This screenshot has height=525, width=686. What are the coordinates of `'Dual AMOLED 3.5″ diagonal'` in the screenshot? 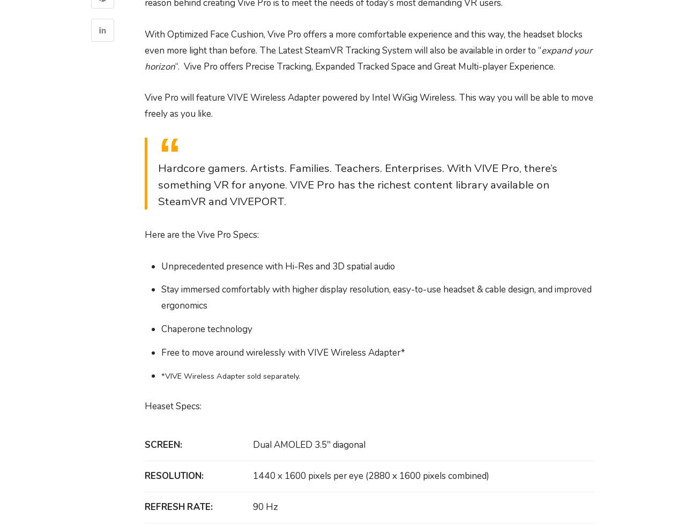 It's located at (308, 445).